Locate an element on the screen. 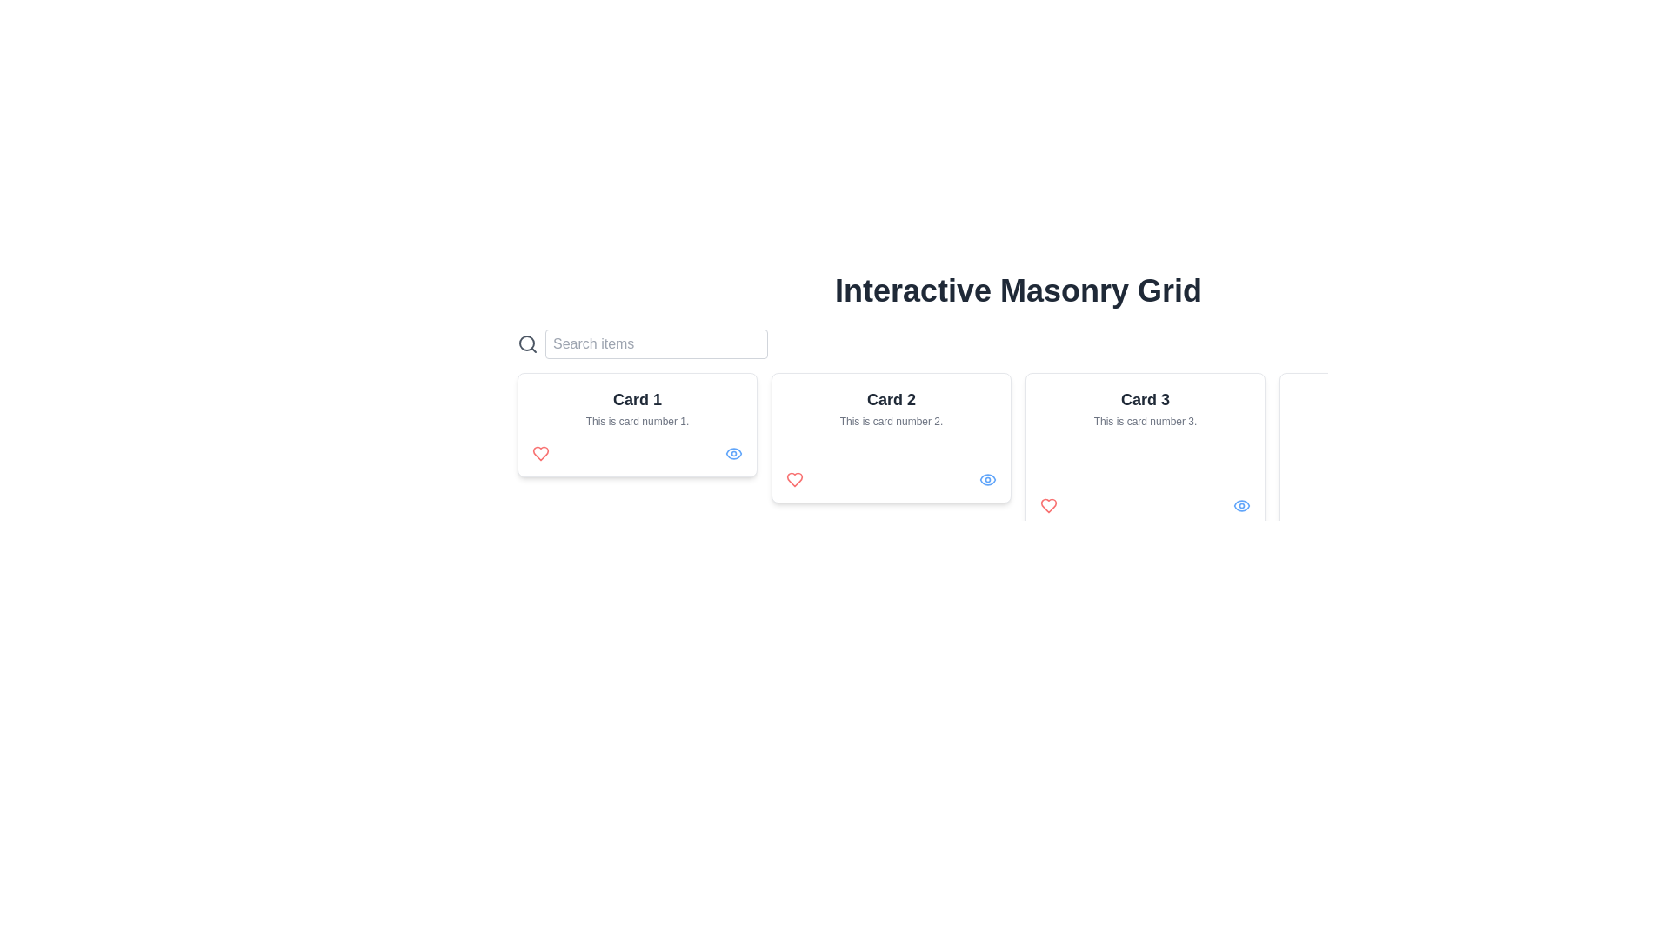  the text label that reads 'This is card number 1.' located under the heading 'Card 1' in the first card of a horizontal layout is located at coordinates (637, 422).